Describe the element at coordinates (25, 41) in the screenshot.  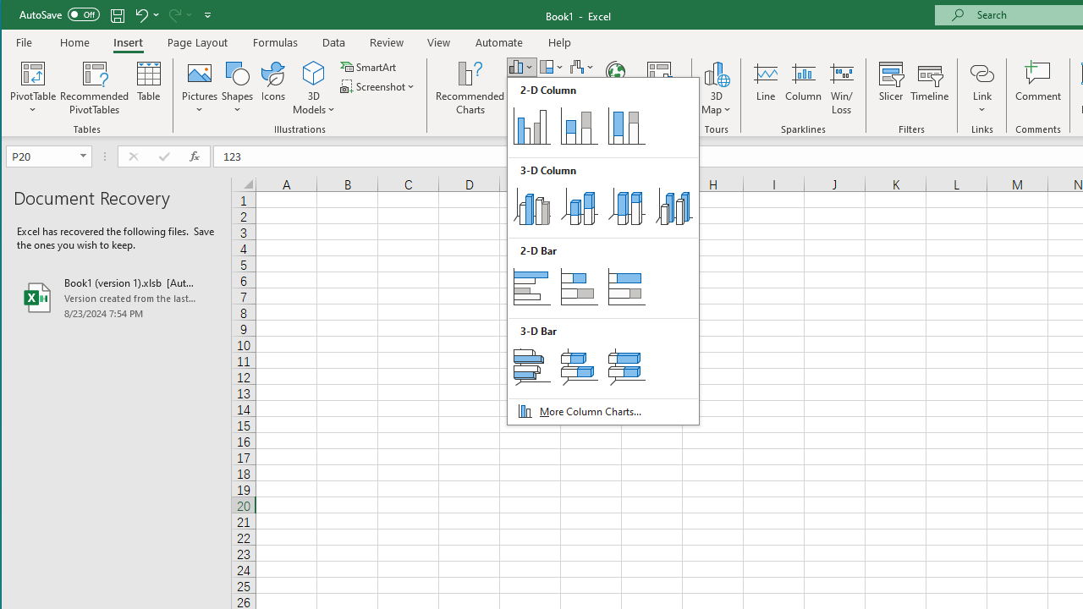
I see `'File Tab'` at that location.